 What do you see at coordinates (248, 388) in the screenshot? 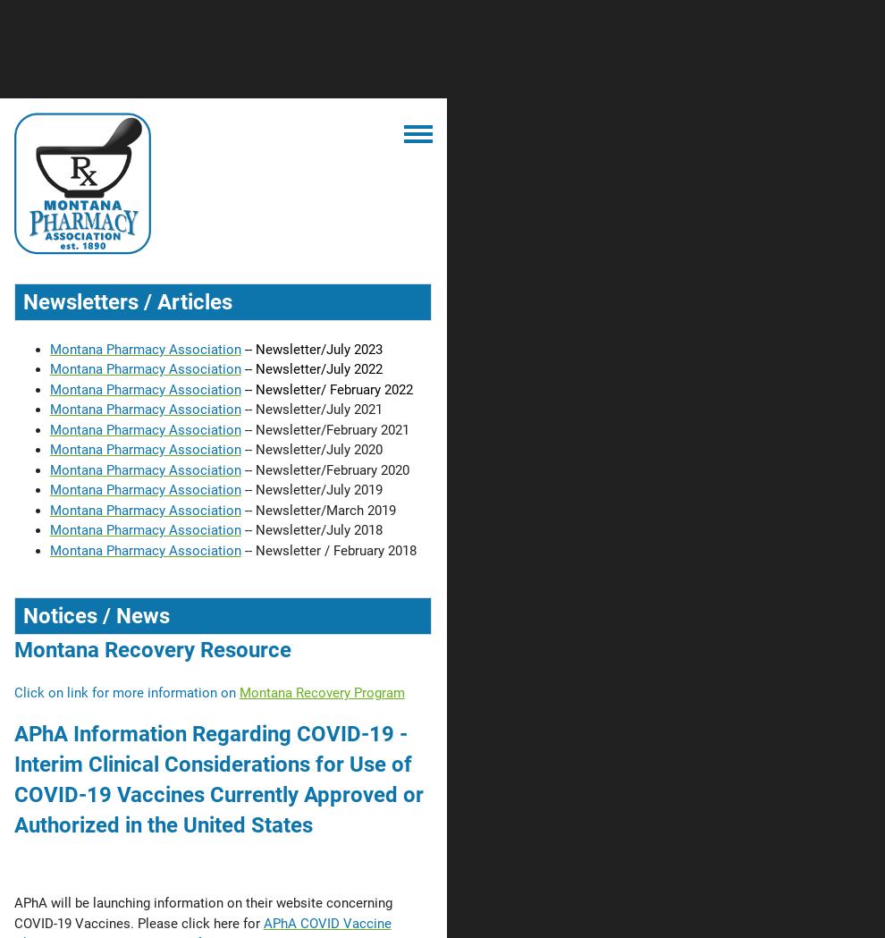
I see `'--'` at bounding box center [248, 388].